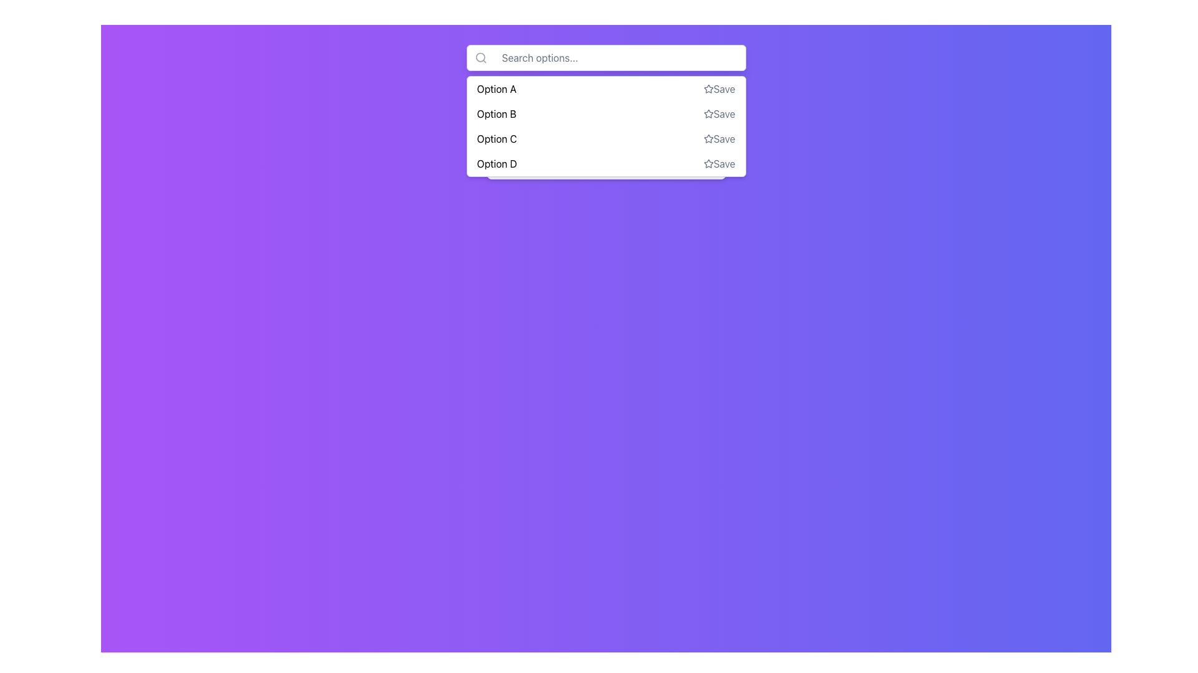 The height and width of the screenshot is (673, 1198). What do you see at coordinates (719, 88) in the screenshot?
I see `the 'Save' button, which is styled in gray and positioned next to a star icon` at bounding box center [719, 88].